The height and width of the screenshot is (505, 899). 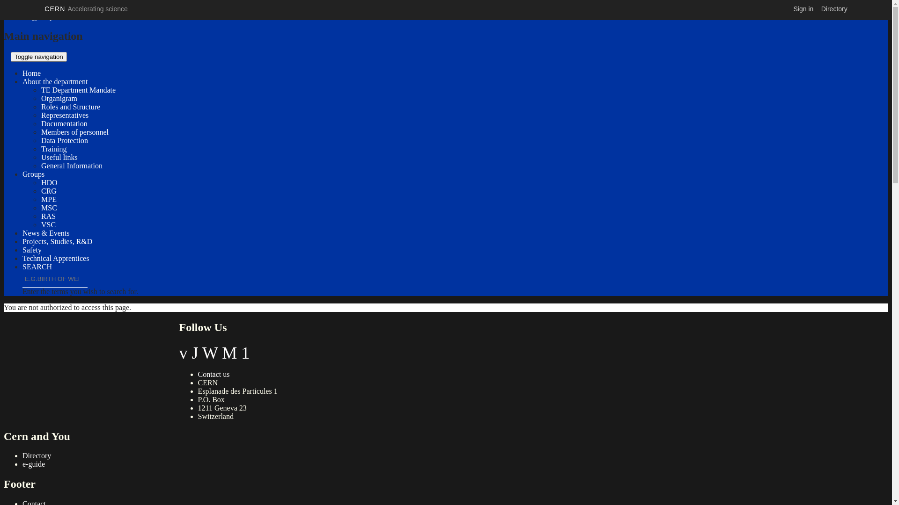 What do you see at coordinates (64, 123) in the screenshot?
I see `'Documentation'` at bounding box center [64, 123].